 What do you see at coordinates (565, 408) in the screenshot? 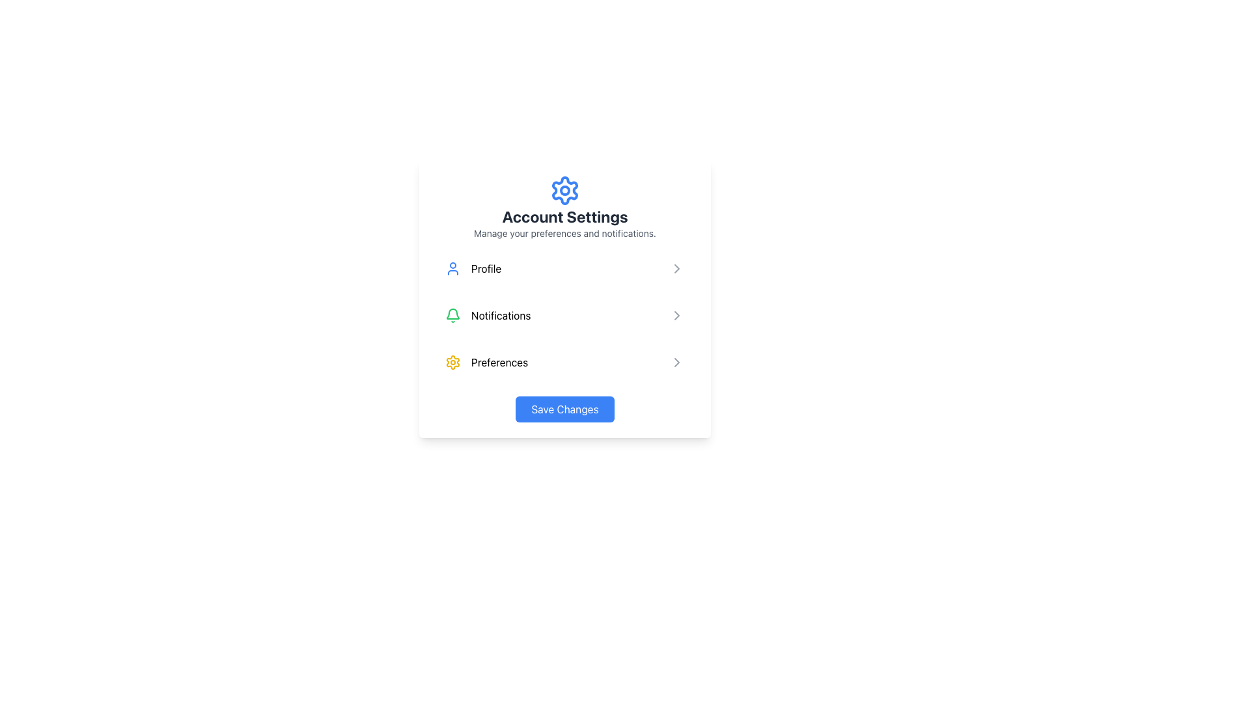
I see `the 'Save Changes' button located at the bottom of the 'Account Settings' section` at bounding box center [565, 408].